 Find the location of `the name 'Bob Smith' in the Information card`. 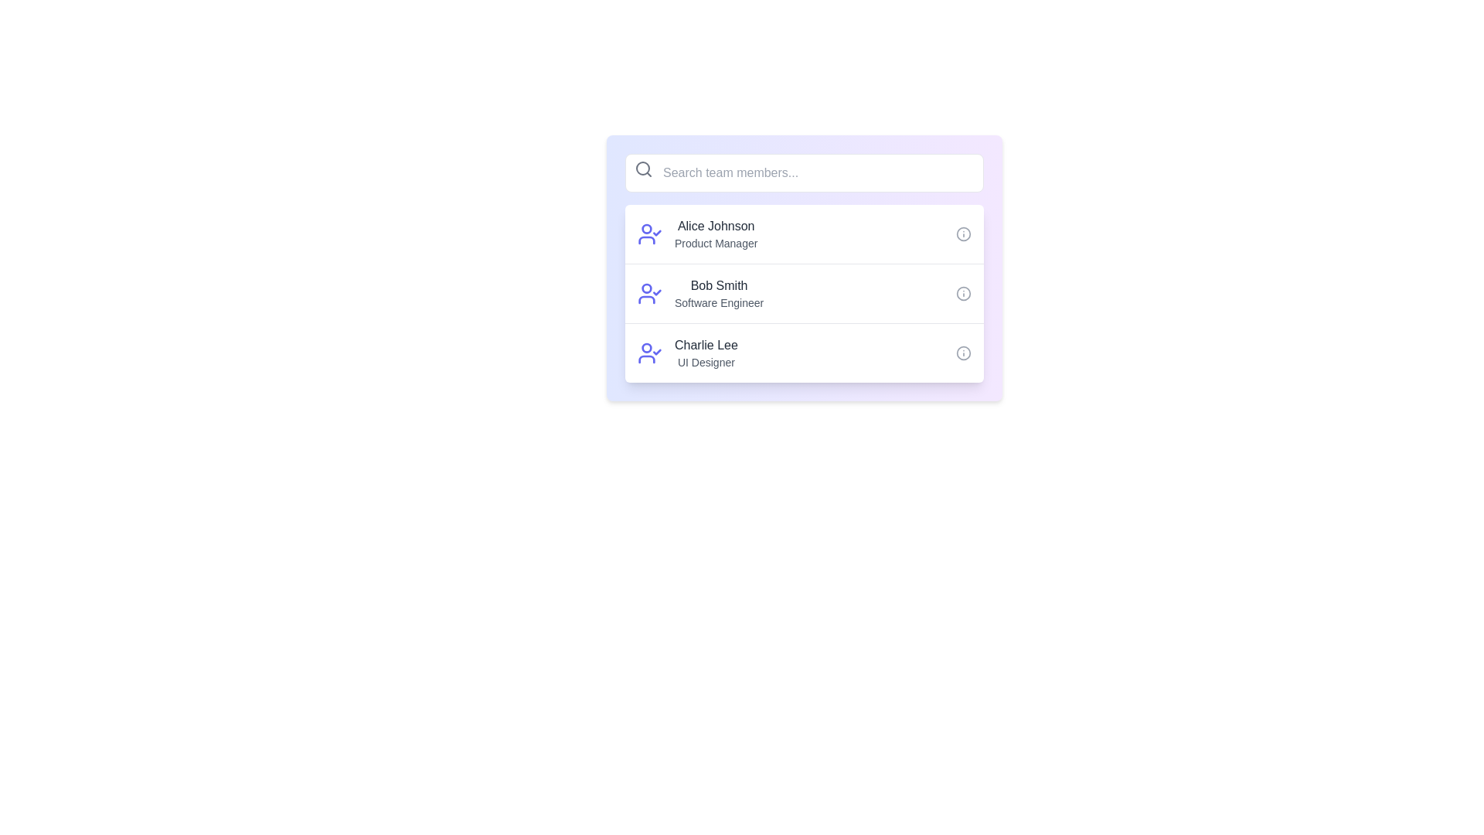

the name 'Bob Smith' in the Information card is located at coordinates (804, 268).